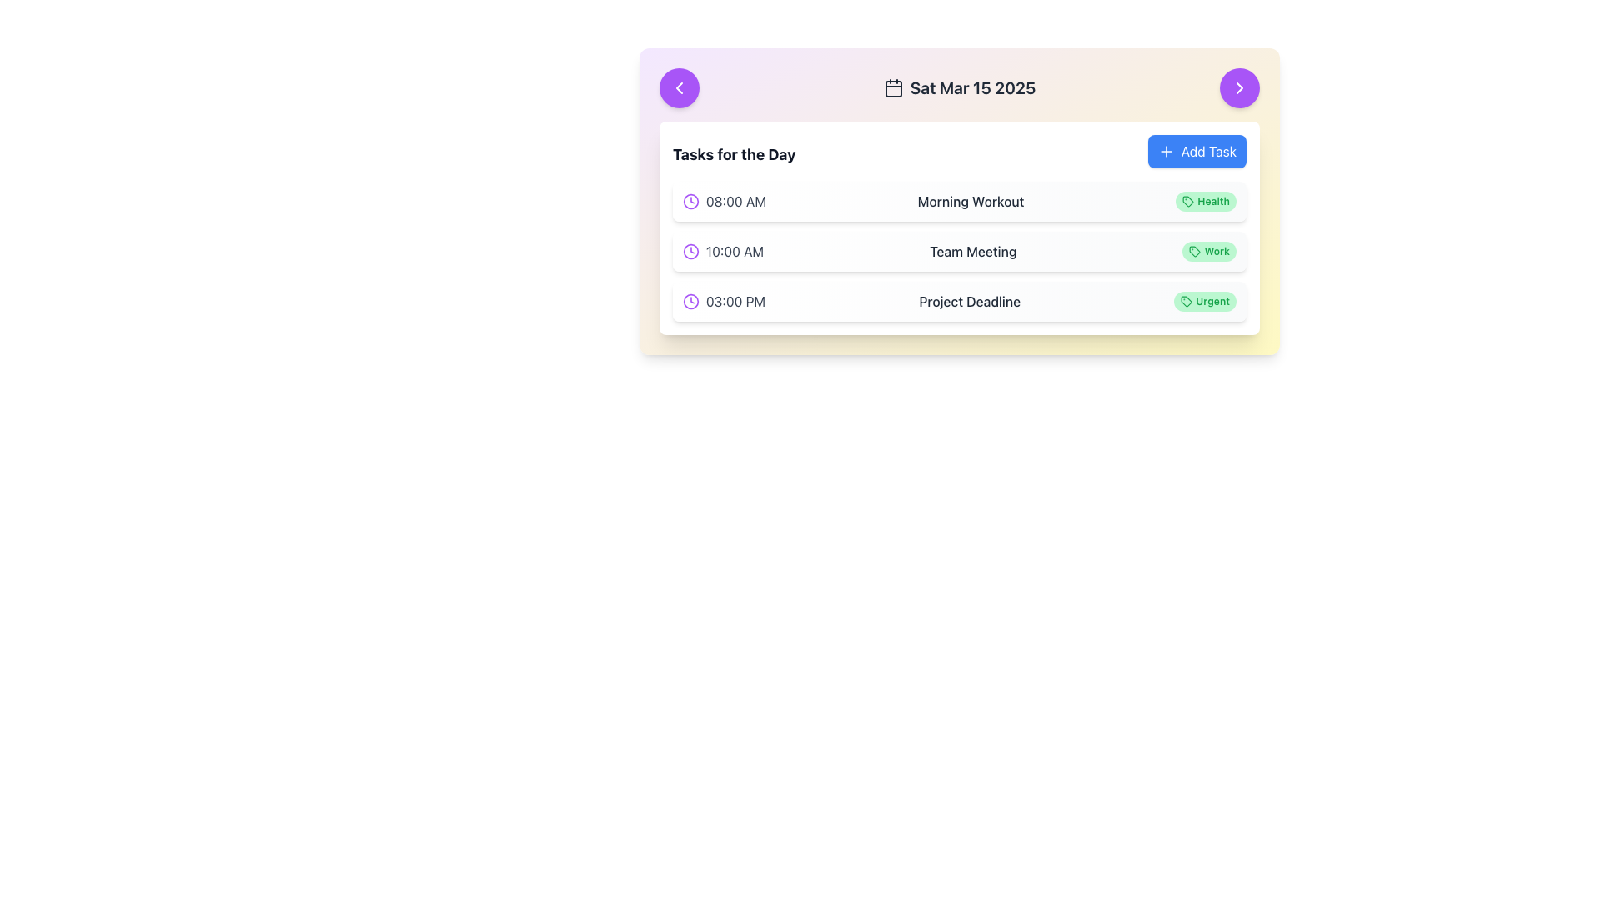 The width and height of the screenshot is (1601, 900). Describe the element at coordinates (1187, 201) in the screenshot. I see `the small icon resembling a tag with a green outline and a filled green circular dot, located to the left of the 'Health' label in the 'Morning Workout' row` at that location.